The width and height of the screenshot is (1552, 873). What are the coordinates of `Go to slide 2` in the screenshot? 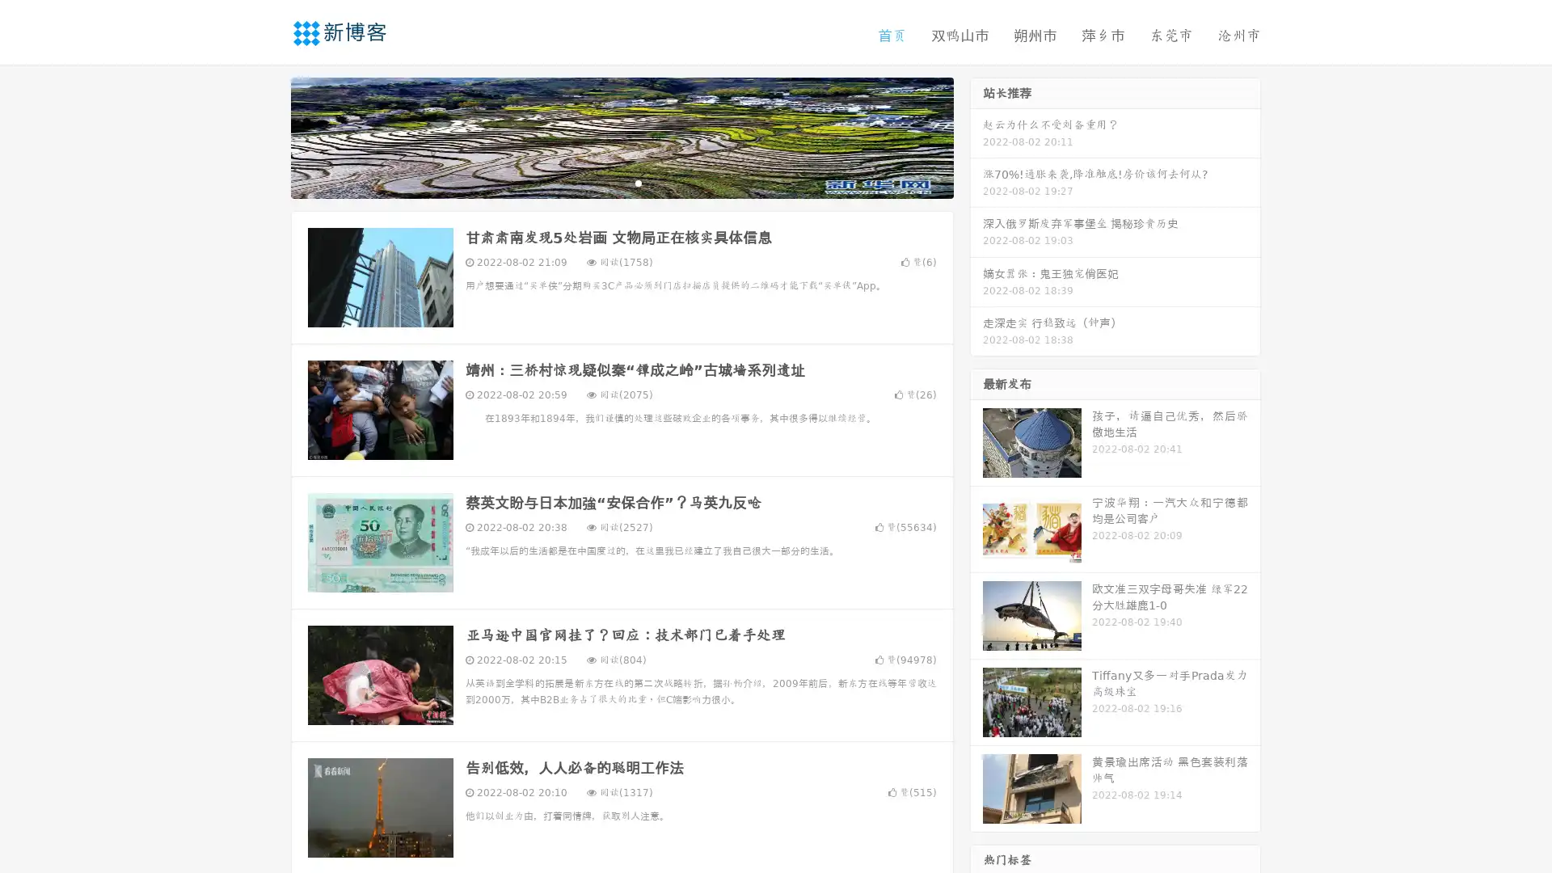 It's located at (621, 182).